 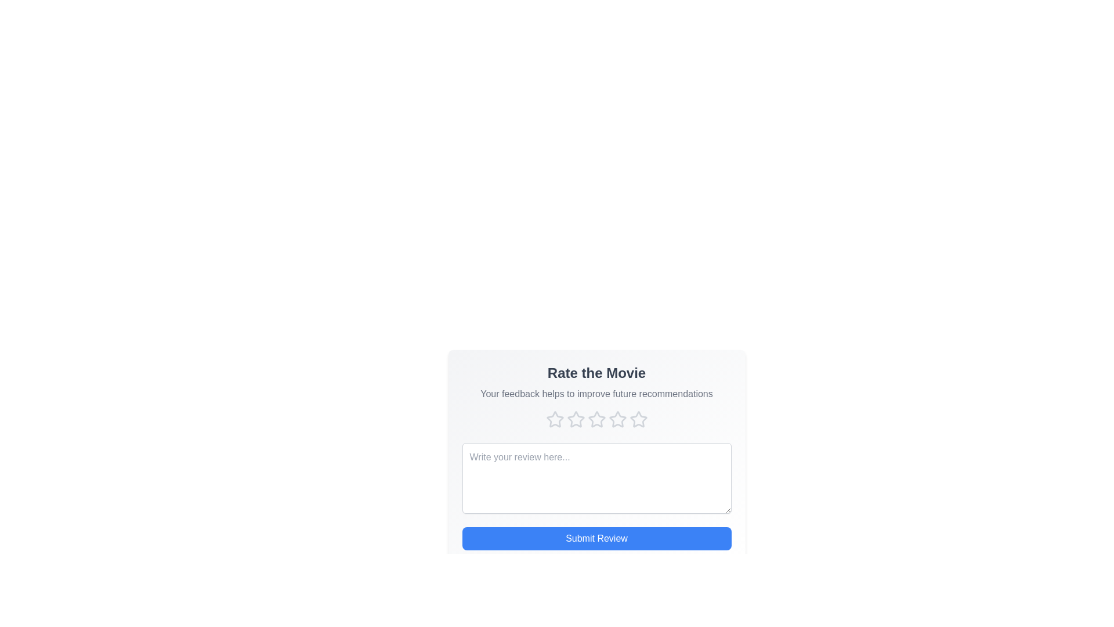 I want to click on the fifth star rating icon in the rating component below the heading 'Rate the Movie', so click(x=638, y=419).